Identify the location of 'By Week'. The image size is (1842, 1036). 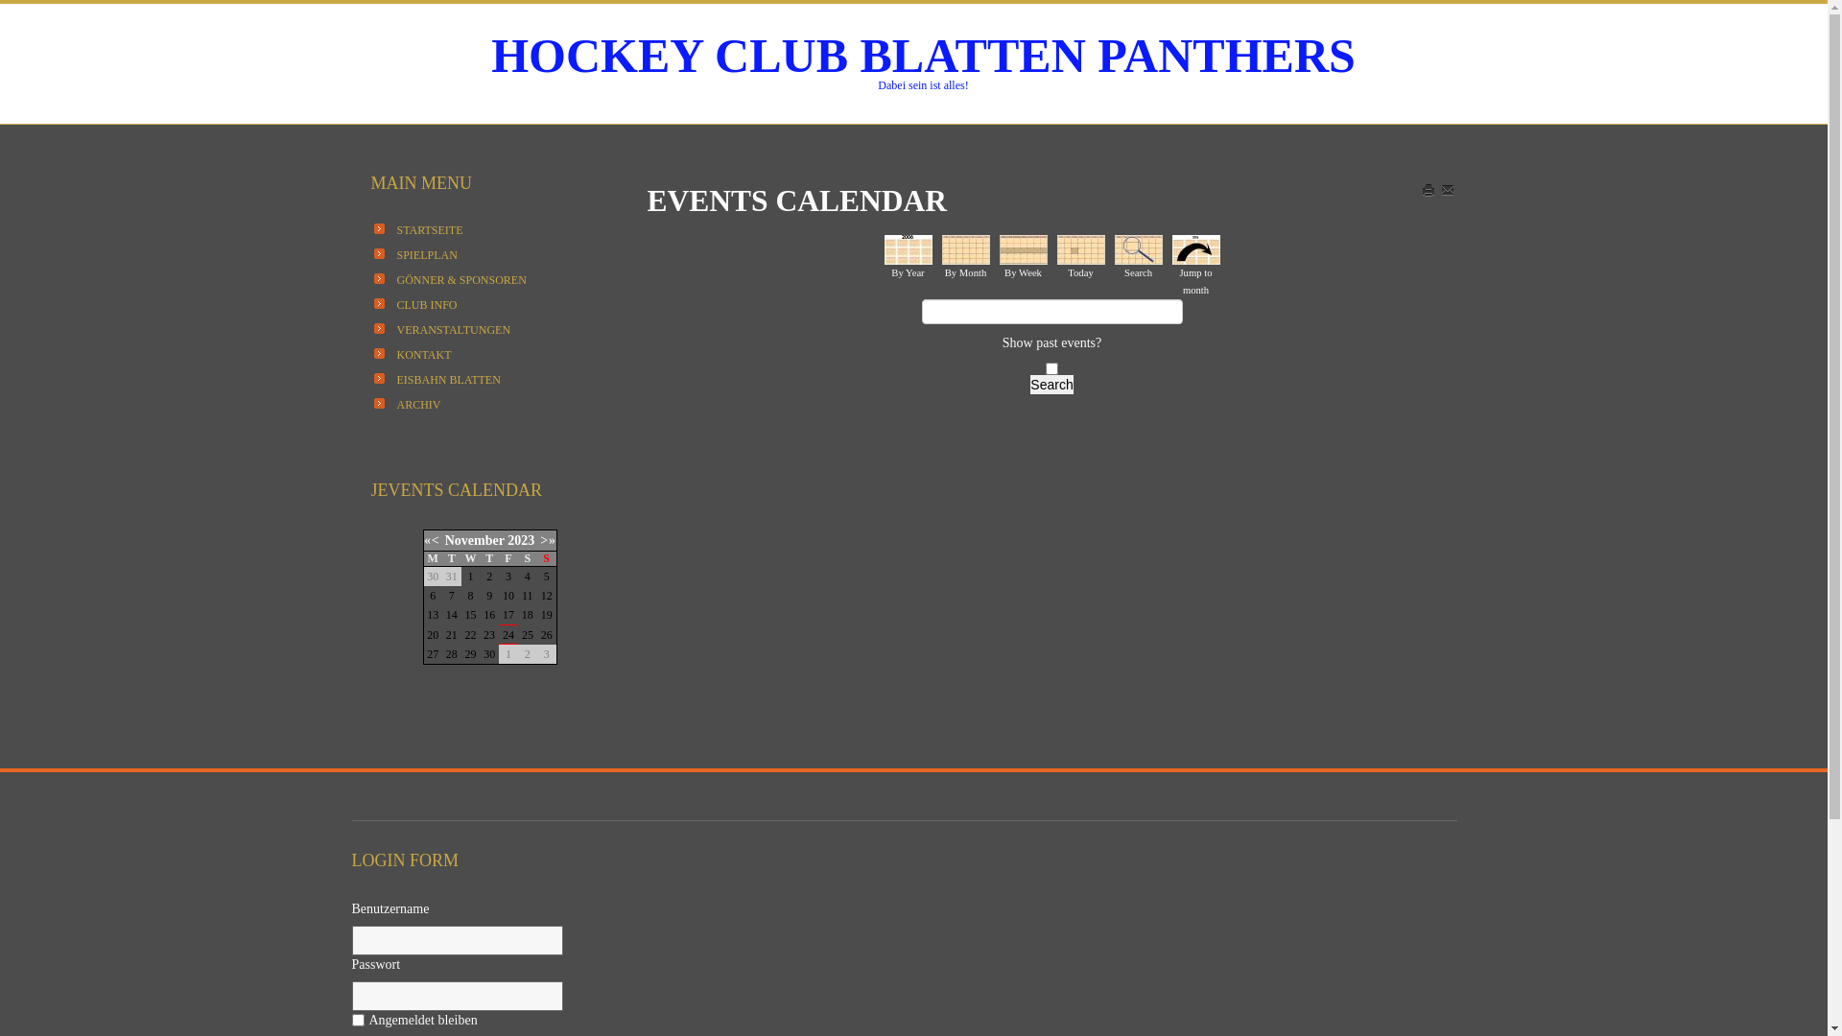
(1022, 247).